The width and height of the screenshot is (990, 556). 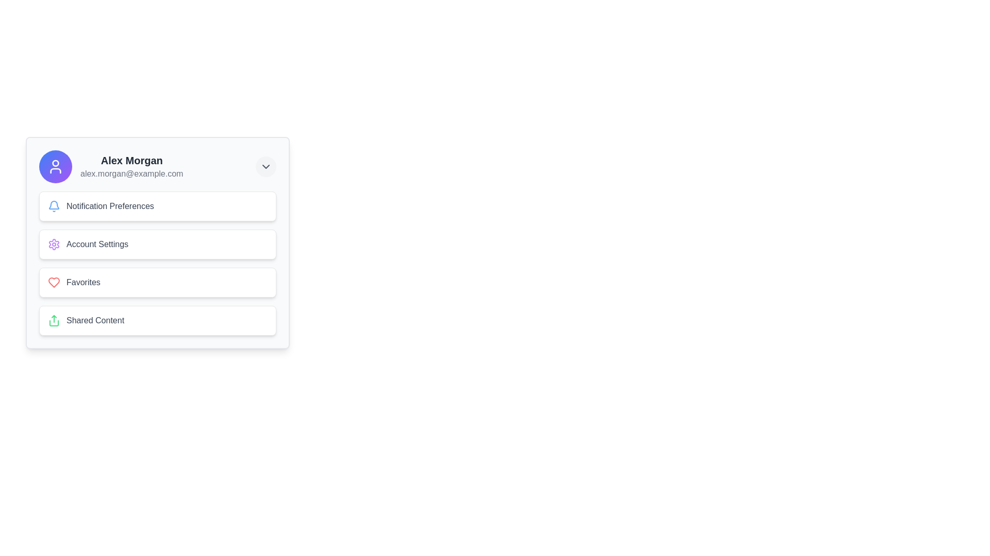 I want to click on the circular button containing the downward-pointing chevron arrow icon located at the top right corner of the card displaying user information for 'Alex Morgan', so click(x=266, y=166).